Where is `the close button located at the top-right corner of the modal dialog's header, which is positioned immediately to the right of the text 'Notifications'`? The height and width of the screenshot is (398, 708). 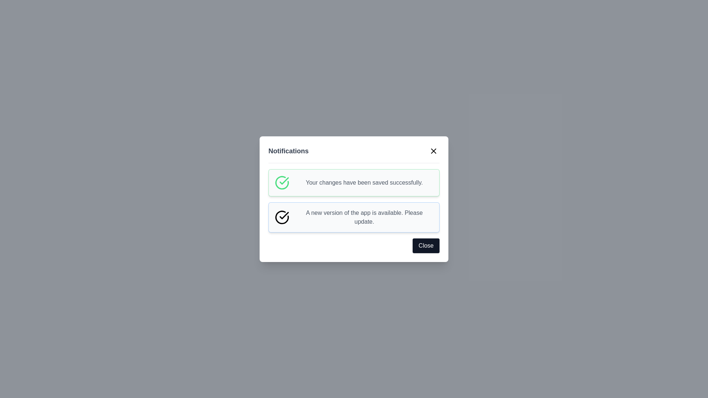 the close button located at the top-right corner of the modal dialog's header, which is positioned immediately to the right of the text 'Notifications' is located at coordinates (434, 150).